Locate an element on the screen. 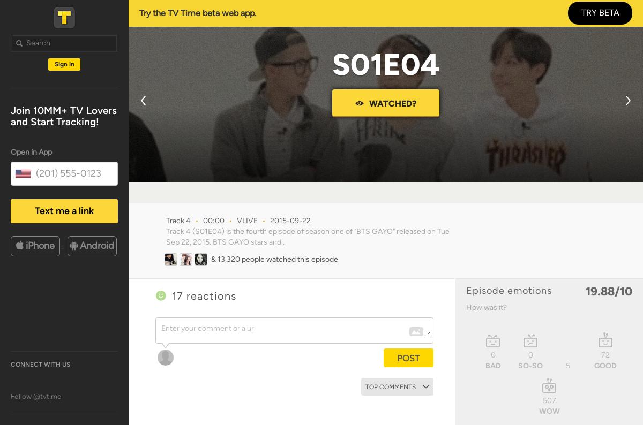 The width and height of the screenshot is (643, 425). 'VLIVE' is located at coordinates (246, 220).